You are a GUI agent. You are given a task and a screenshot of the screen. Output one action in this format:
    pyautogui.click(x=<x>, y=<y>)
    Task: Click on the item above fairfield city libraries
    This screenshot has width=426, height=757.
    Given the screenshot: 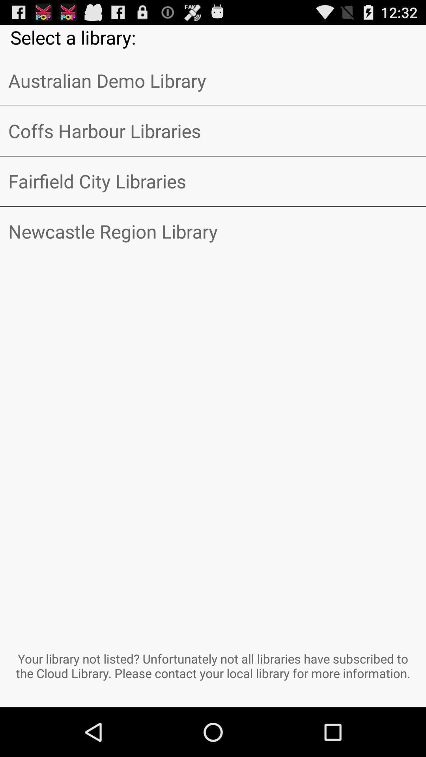 What is the action you would take?
    pyautogui.click(x=213, y=131)
    